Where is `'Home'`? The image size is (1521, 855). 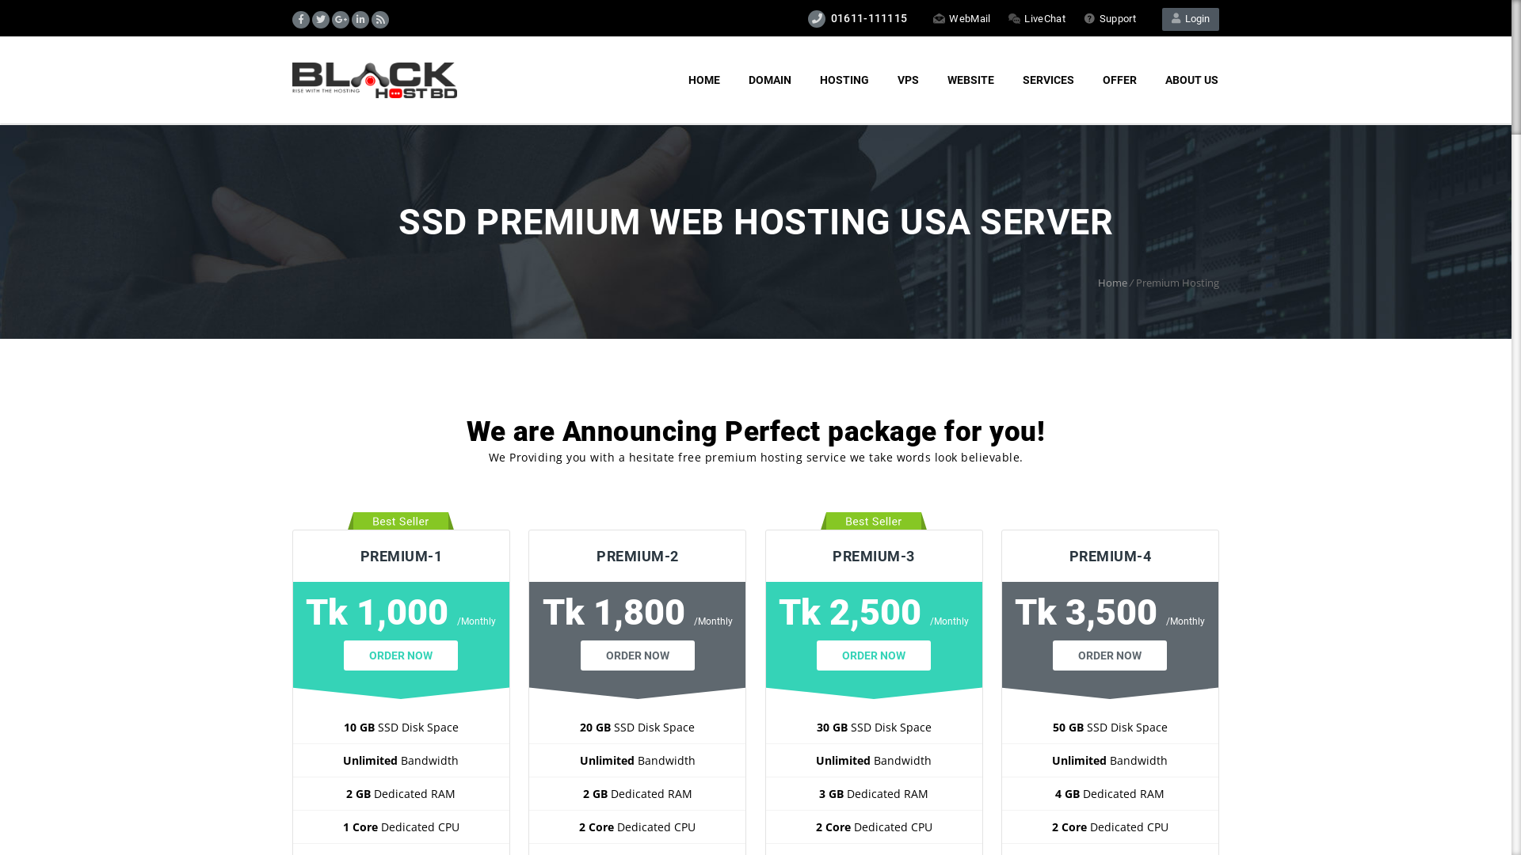 'Home' is located at coordinates (1111, 282).